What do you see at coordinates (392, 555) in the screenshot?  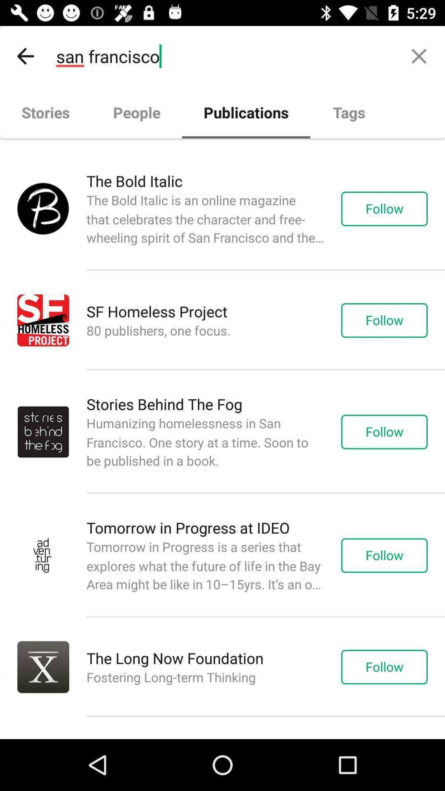 I see `the text right to tomorrow in progress at ideo` at bounding box center [392, 555].